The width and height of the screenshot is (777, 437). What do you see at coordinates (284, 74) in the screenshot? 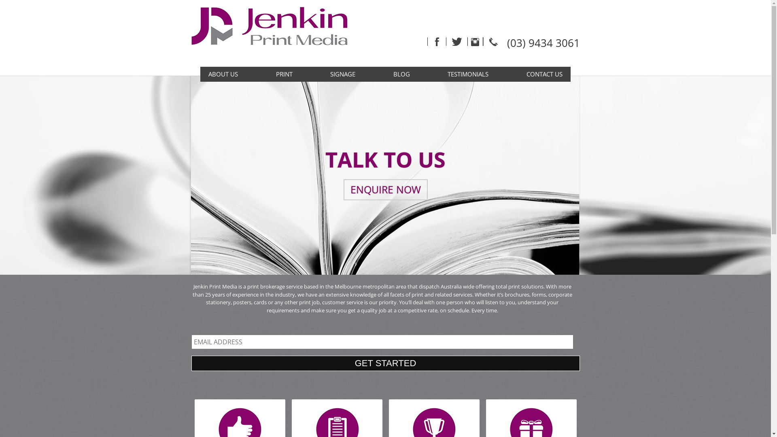
I see `'PRINT'` at bounding box center [284, 74].